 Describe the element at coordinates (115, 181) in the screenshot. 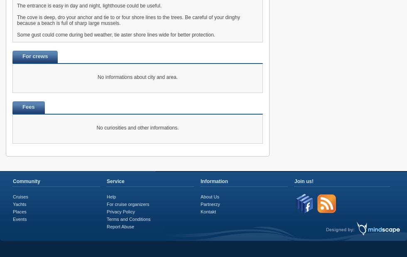

I see `'Service'` at that location.